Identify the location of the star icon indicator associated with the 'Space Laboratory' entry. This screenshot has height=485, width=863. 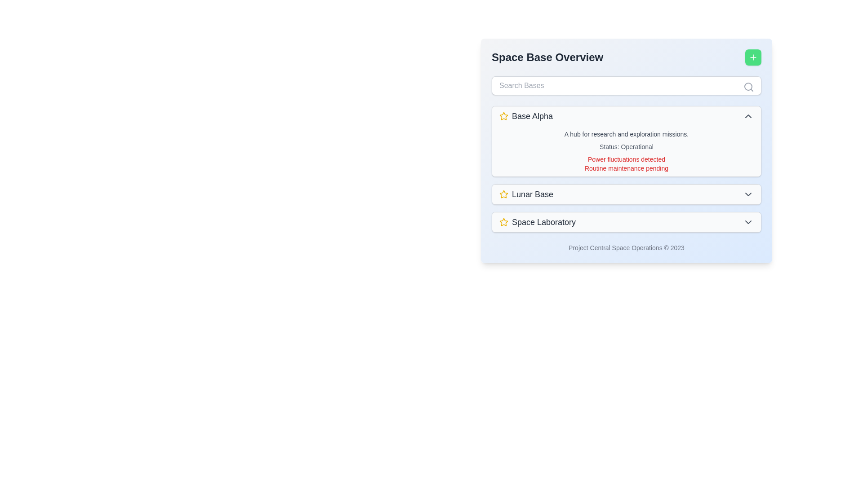
(503, 194).